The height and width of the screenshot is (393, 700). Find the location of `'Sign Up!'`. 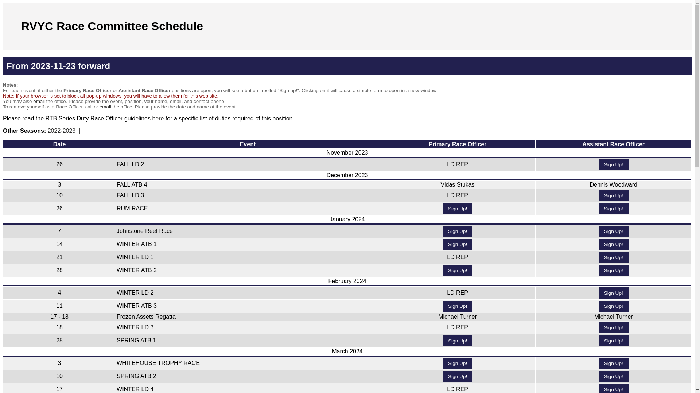

'Sign Up!' is located at coordinates (598, 257).